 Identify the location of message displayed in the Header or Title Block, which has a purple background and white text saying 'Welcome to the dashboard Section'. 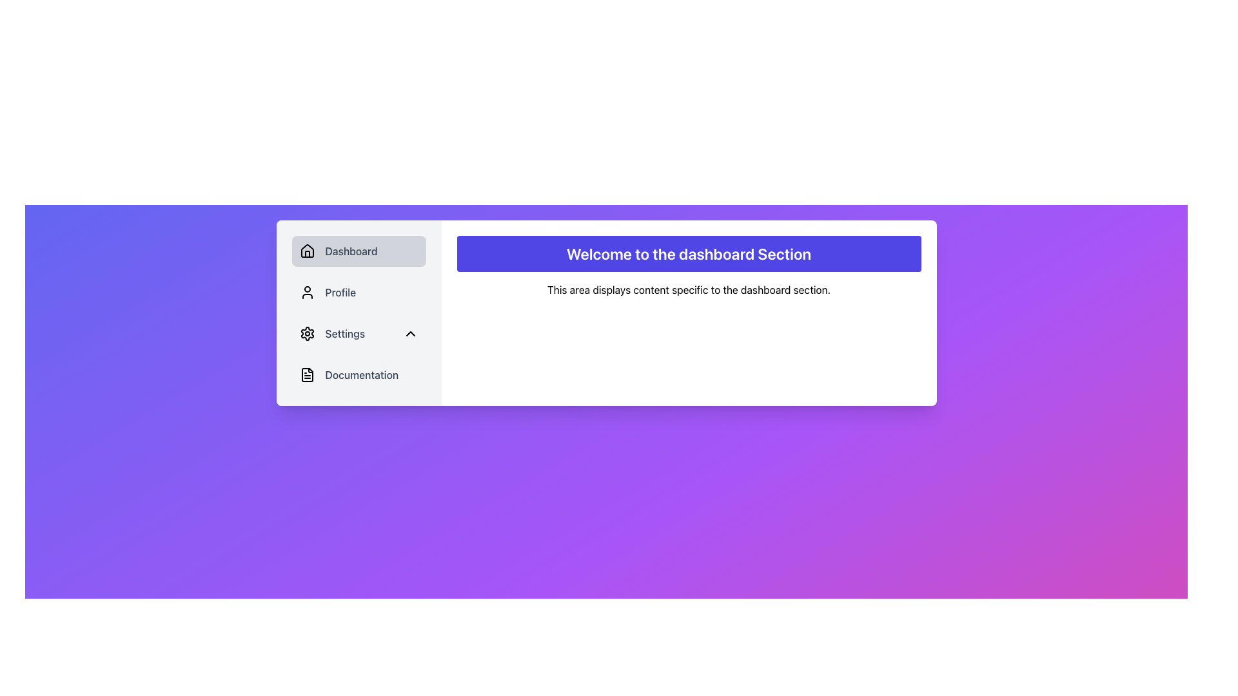
(688, 253).